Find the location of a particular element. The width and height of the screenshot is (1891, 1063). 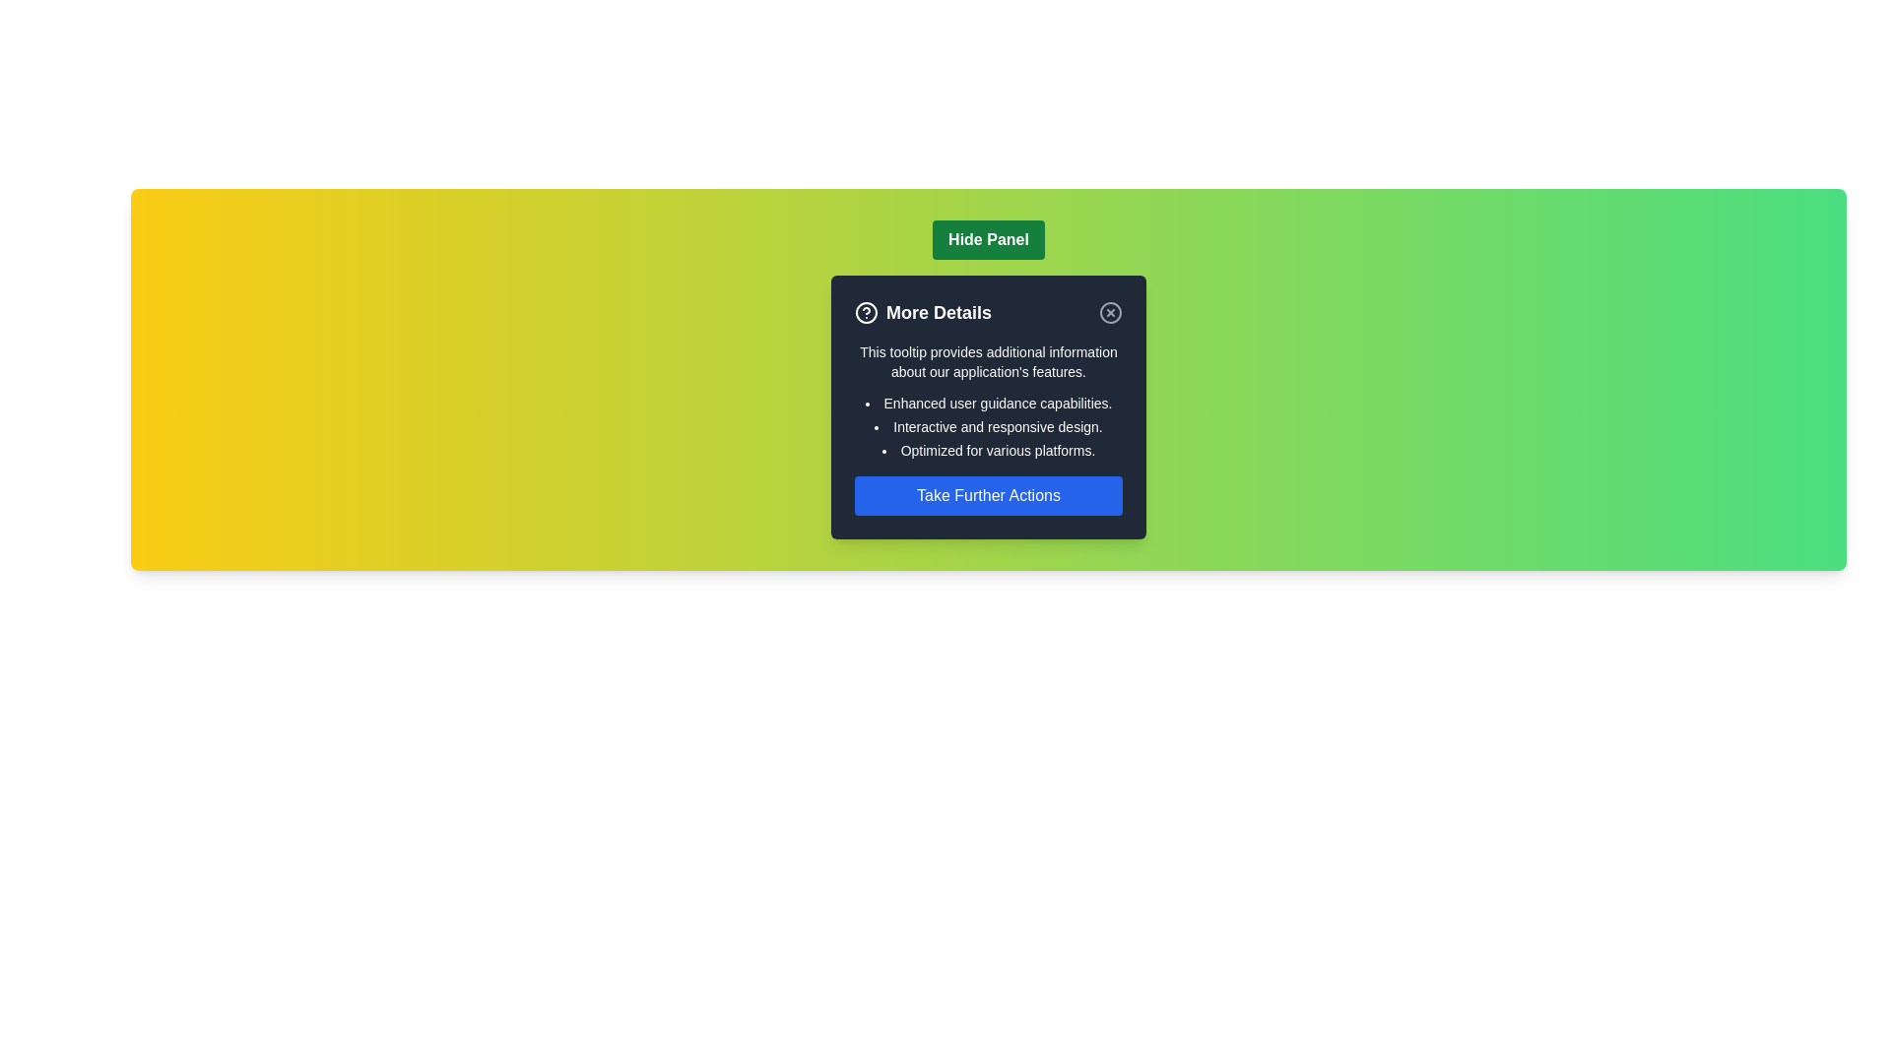

the bold heading labeled 'More Details' with an adjacent help icon, which is centrally located within the tooltip header is located at coordinates (922, 311).